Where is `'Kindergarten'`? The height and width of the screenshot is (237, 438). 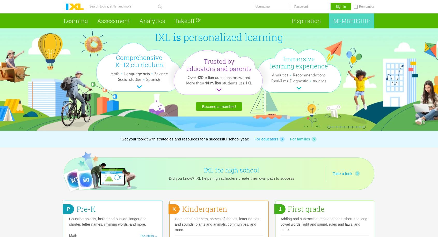
'Kindergarten' is located at coordinates (204, 209).